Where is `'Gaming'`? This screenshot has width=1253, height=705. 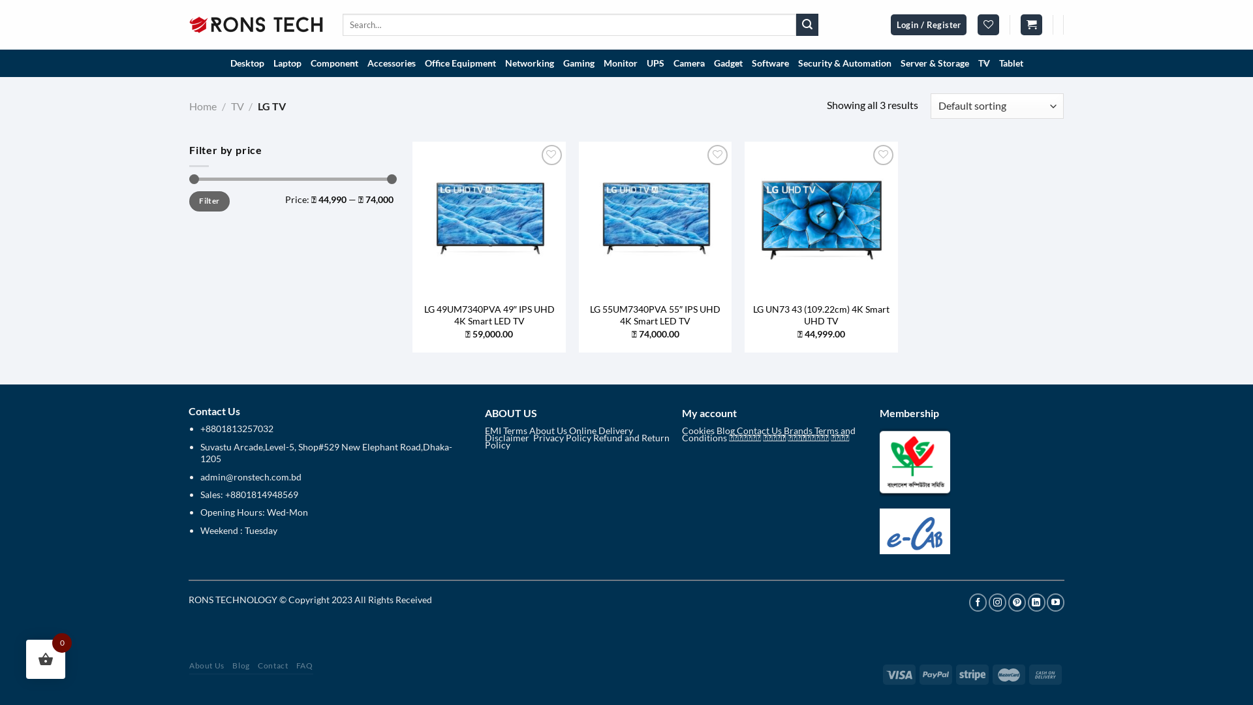 'Gaming' is located at coordinates (578, 63).